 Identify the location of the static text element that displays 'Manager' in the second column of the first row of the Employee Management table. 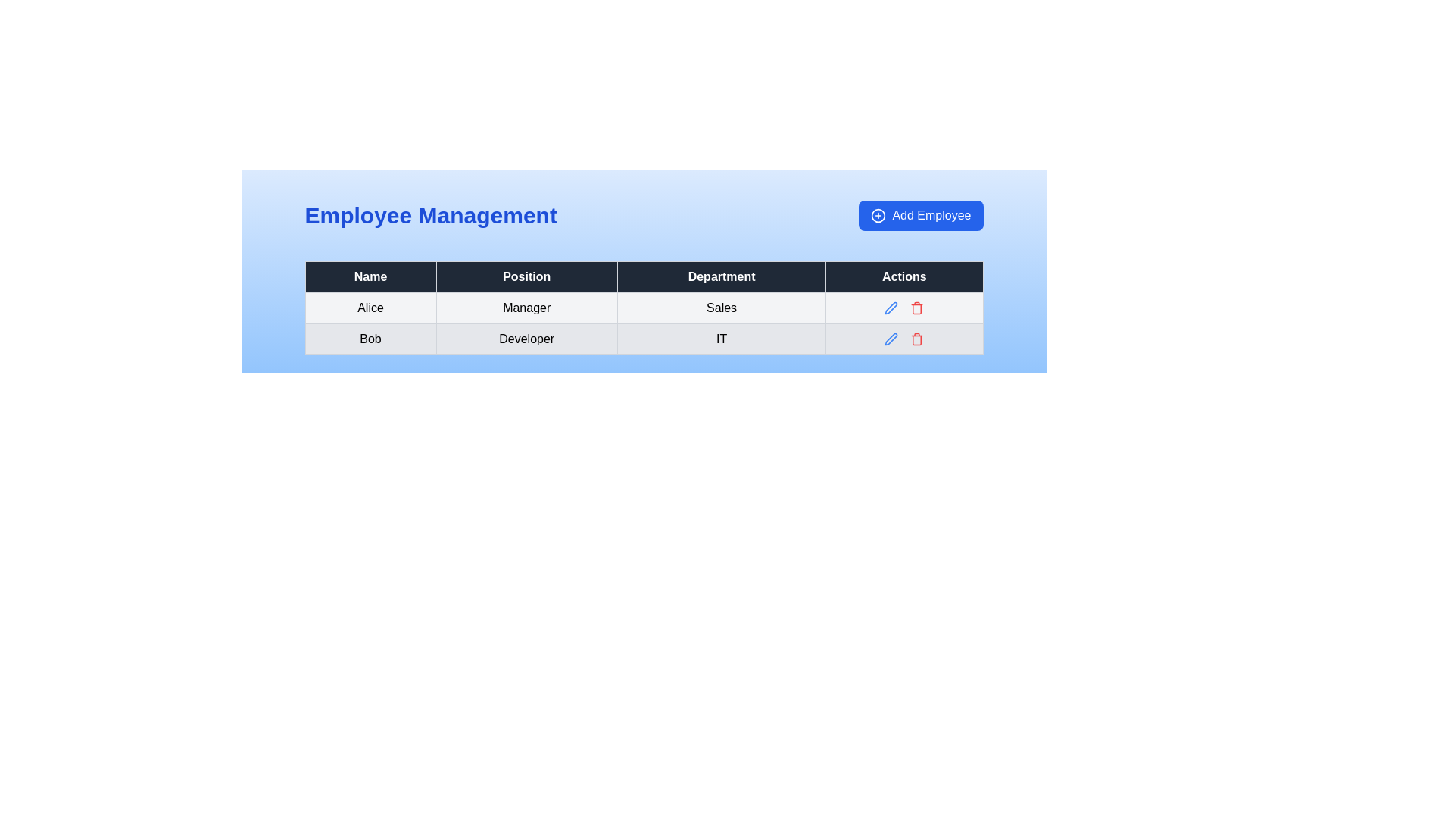
(526, 308).